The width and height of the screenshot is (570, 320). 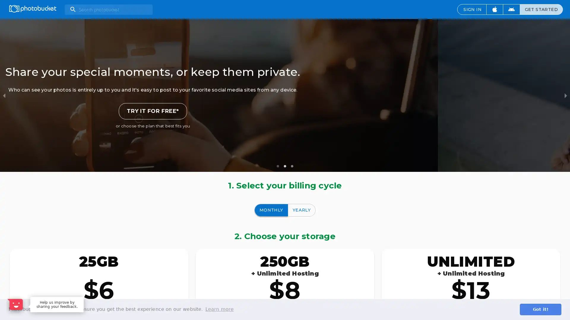 What do you see at coordinates (484, 297) in the screenshot?
I see `Maybe later` at bounding box center [484, 297].